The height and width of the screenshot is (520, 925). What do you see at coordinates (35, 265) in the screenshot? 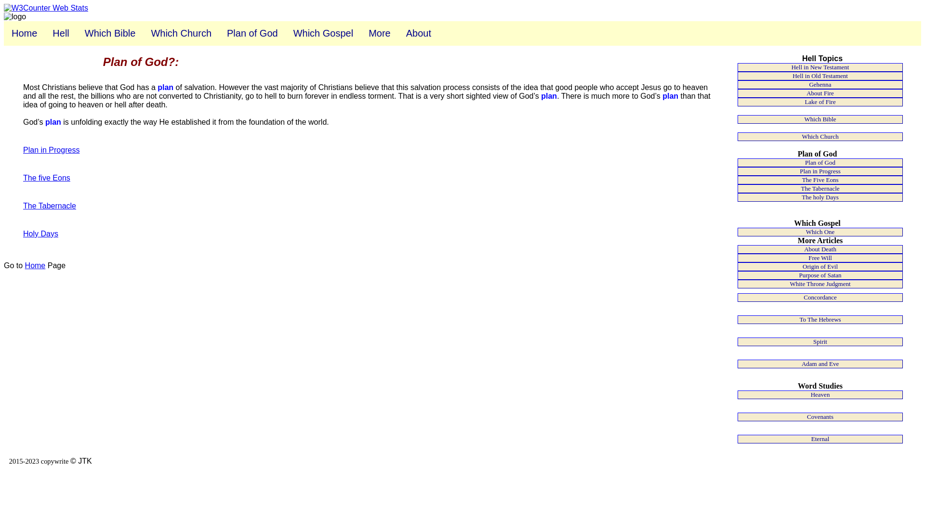
I see `'Home'` at bounding box center [35, 265].